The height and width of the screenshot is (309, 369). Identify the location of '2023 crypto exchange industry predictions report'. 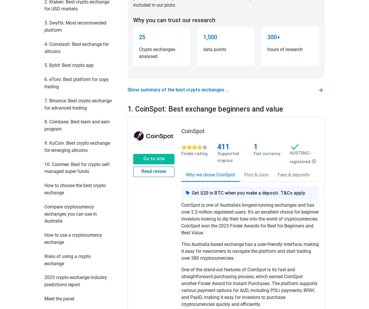
(75, 280).